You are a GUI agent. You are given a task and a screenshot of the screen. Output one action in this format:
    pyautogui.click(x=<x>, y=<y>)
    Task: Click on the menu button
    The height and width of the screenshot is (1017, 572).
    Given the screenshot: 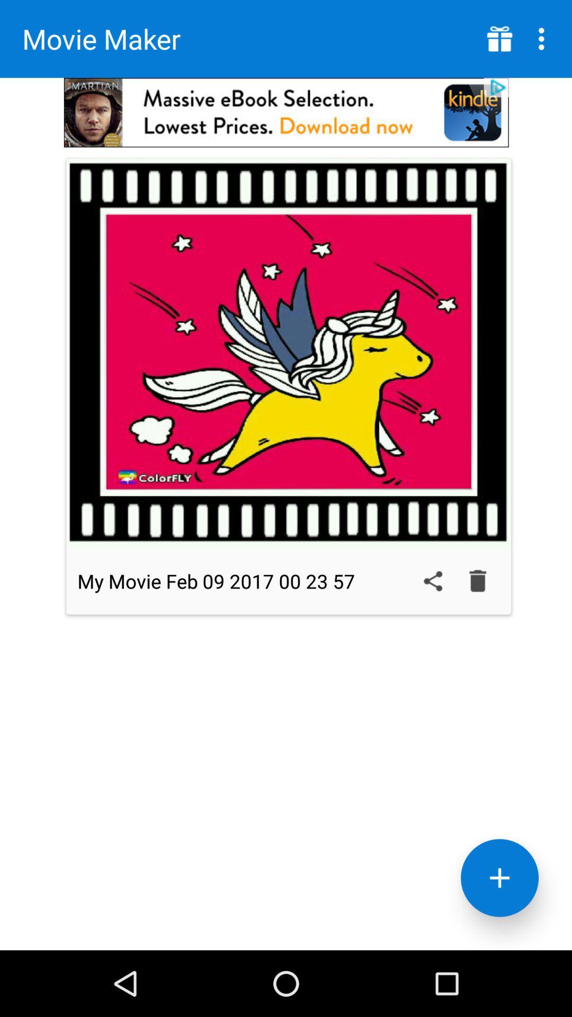 What is the action you would take?
    pyautogui.click(x=499, y=39)
    